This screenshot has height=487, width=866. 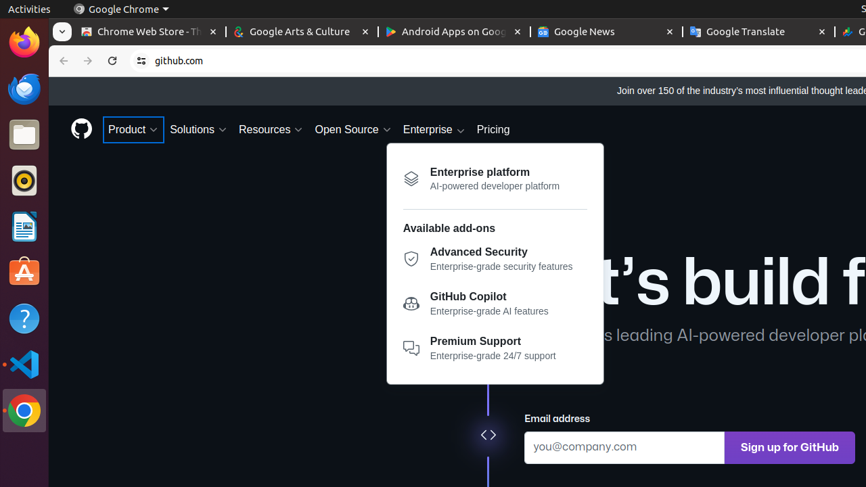 What do you see at coordinates (24, 179) in the screenshot?
I see `'Rhythmbox'` at bounding box center [24, 179].